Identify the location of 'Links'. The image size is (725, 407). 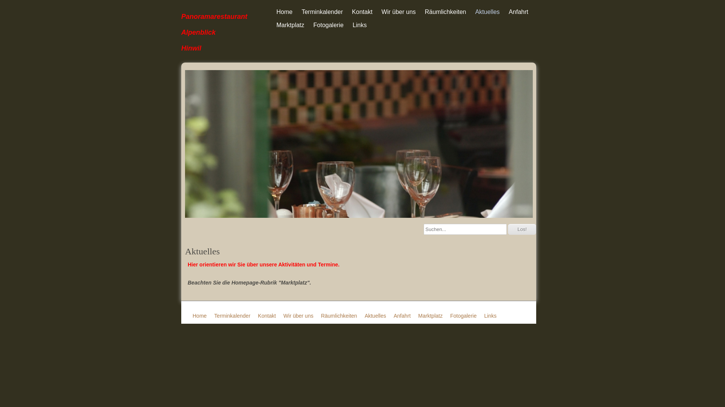
(490, 315).